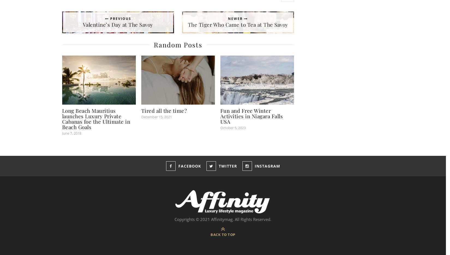  What do you see at coordinates (96, 119) in the screenshot?
I see `'Long Beach Mauritius launches Luxury Private Cabanas  foe the Ultimate in Beach Goals'` at bounding box center [96, 119].